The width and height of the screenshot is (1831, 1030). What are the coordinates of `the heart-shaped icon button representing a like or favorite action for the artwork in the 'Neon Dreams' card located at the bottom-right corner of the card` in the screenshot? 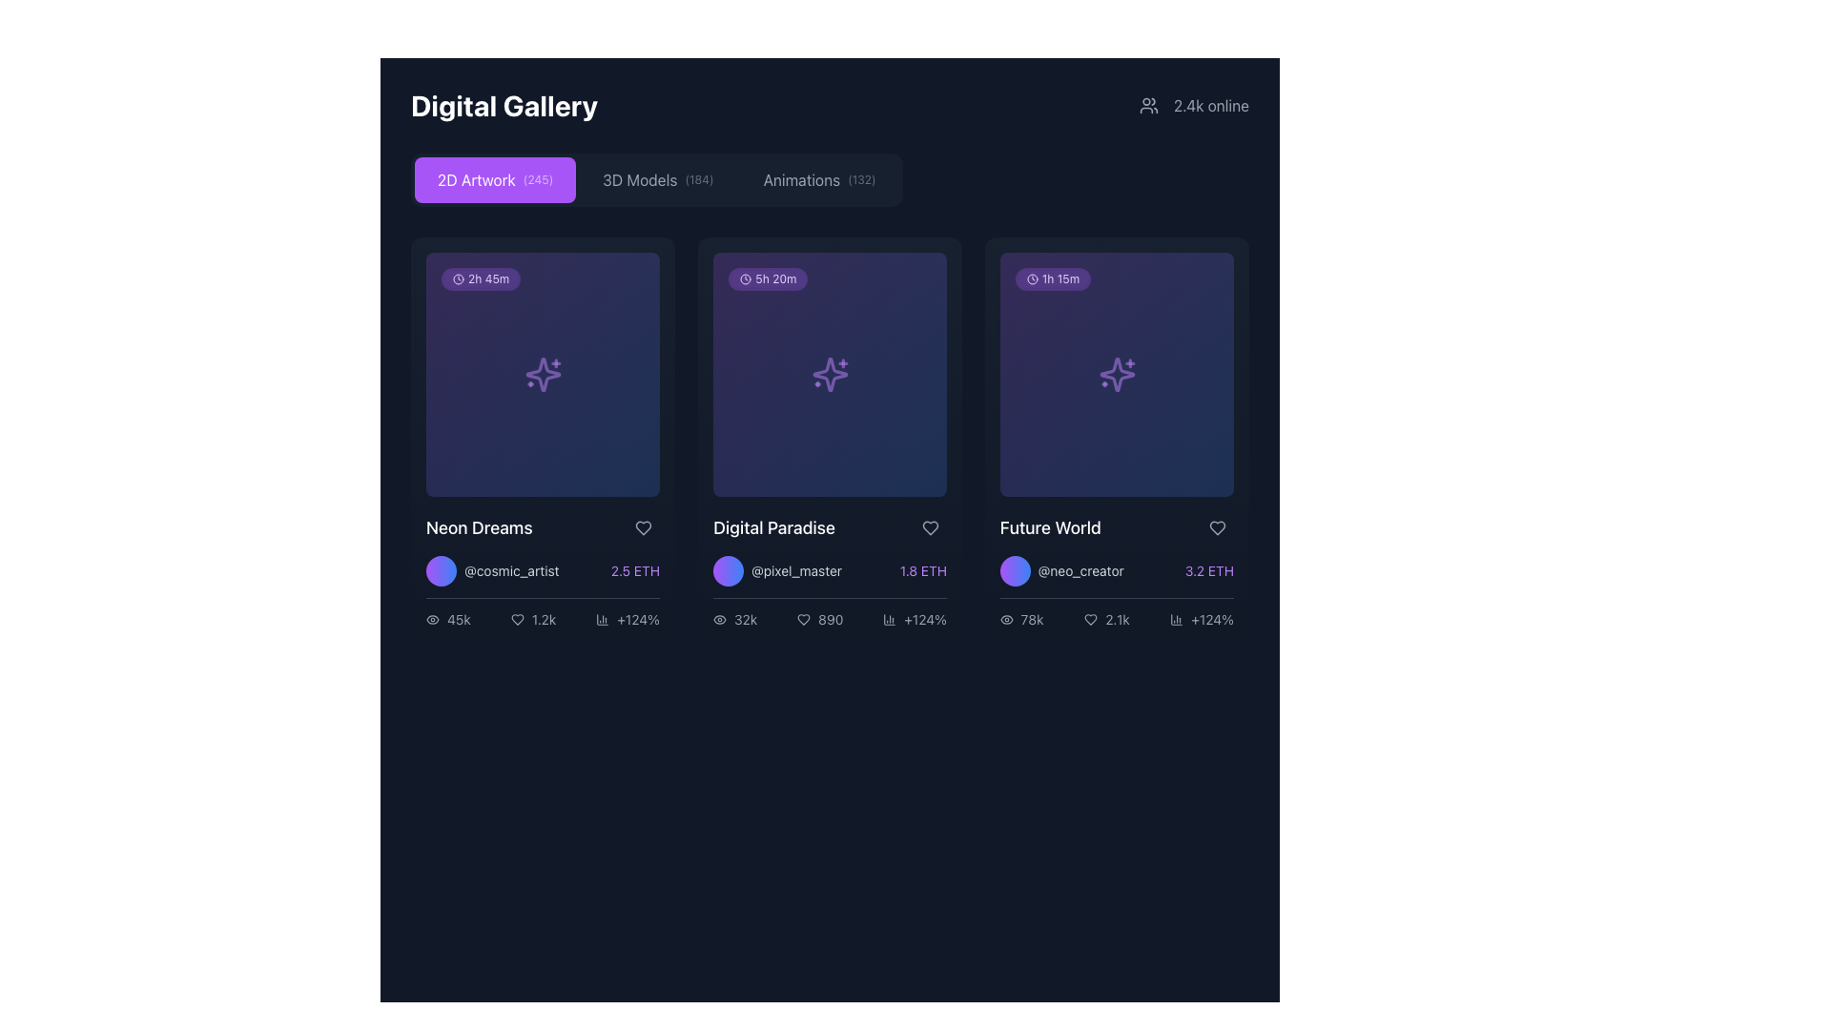 It's located at (517, 620).